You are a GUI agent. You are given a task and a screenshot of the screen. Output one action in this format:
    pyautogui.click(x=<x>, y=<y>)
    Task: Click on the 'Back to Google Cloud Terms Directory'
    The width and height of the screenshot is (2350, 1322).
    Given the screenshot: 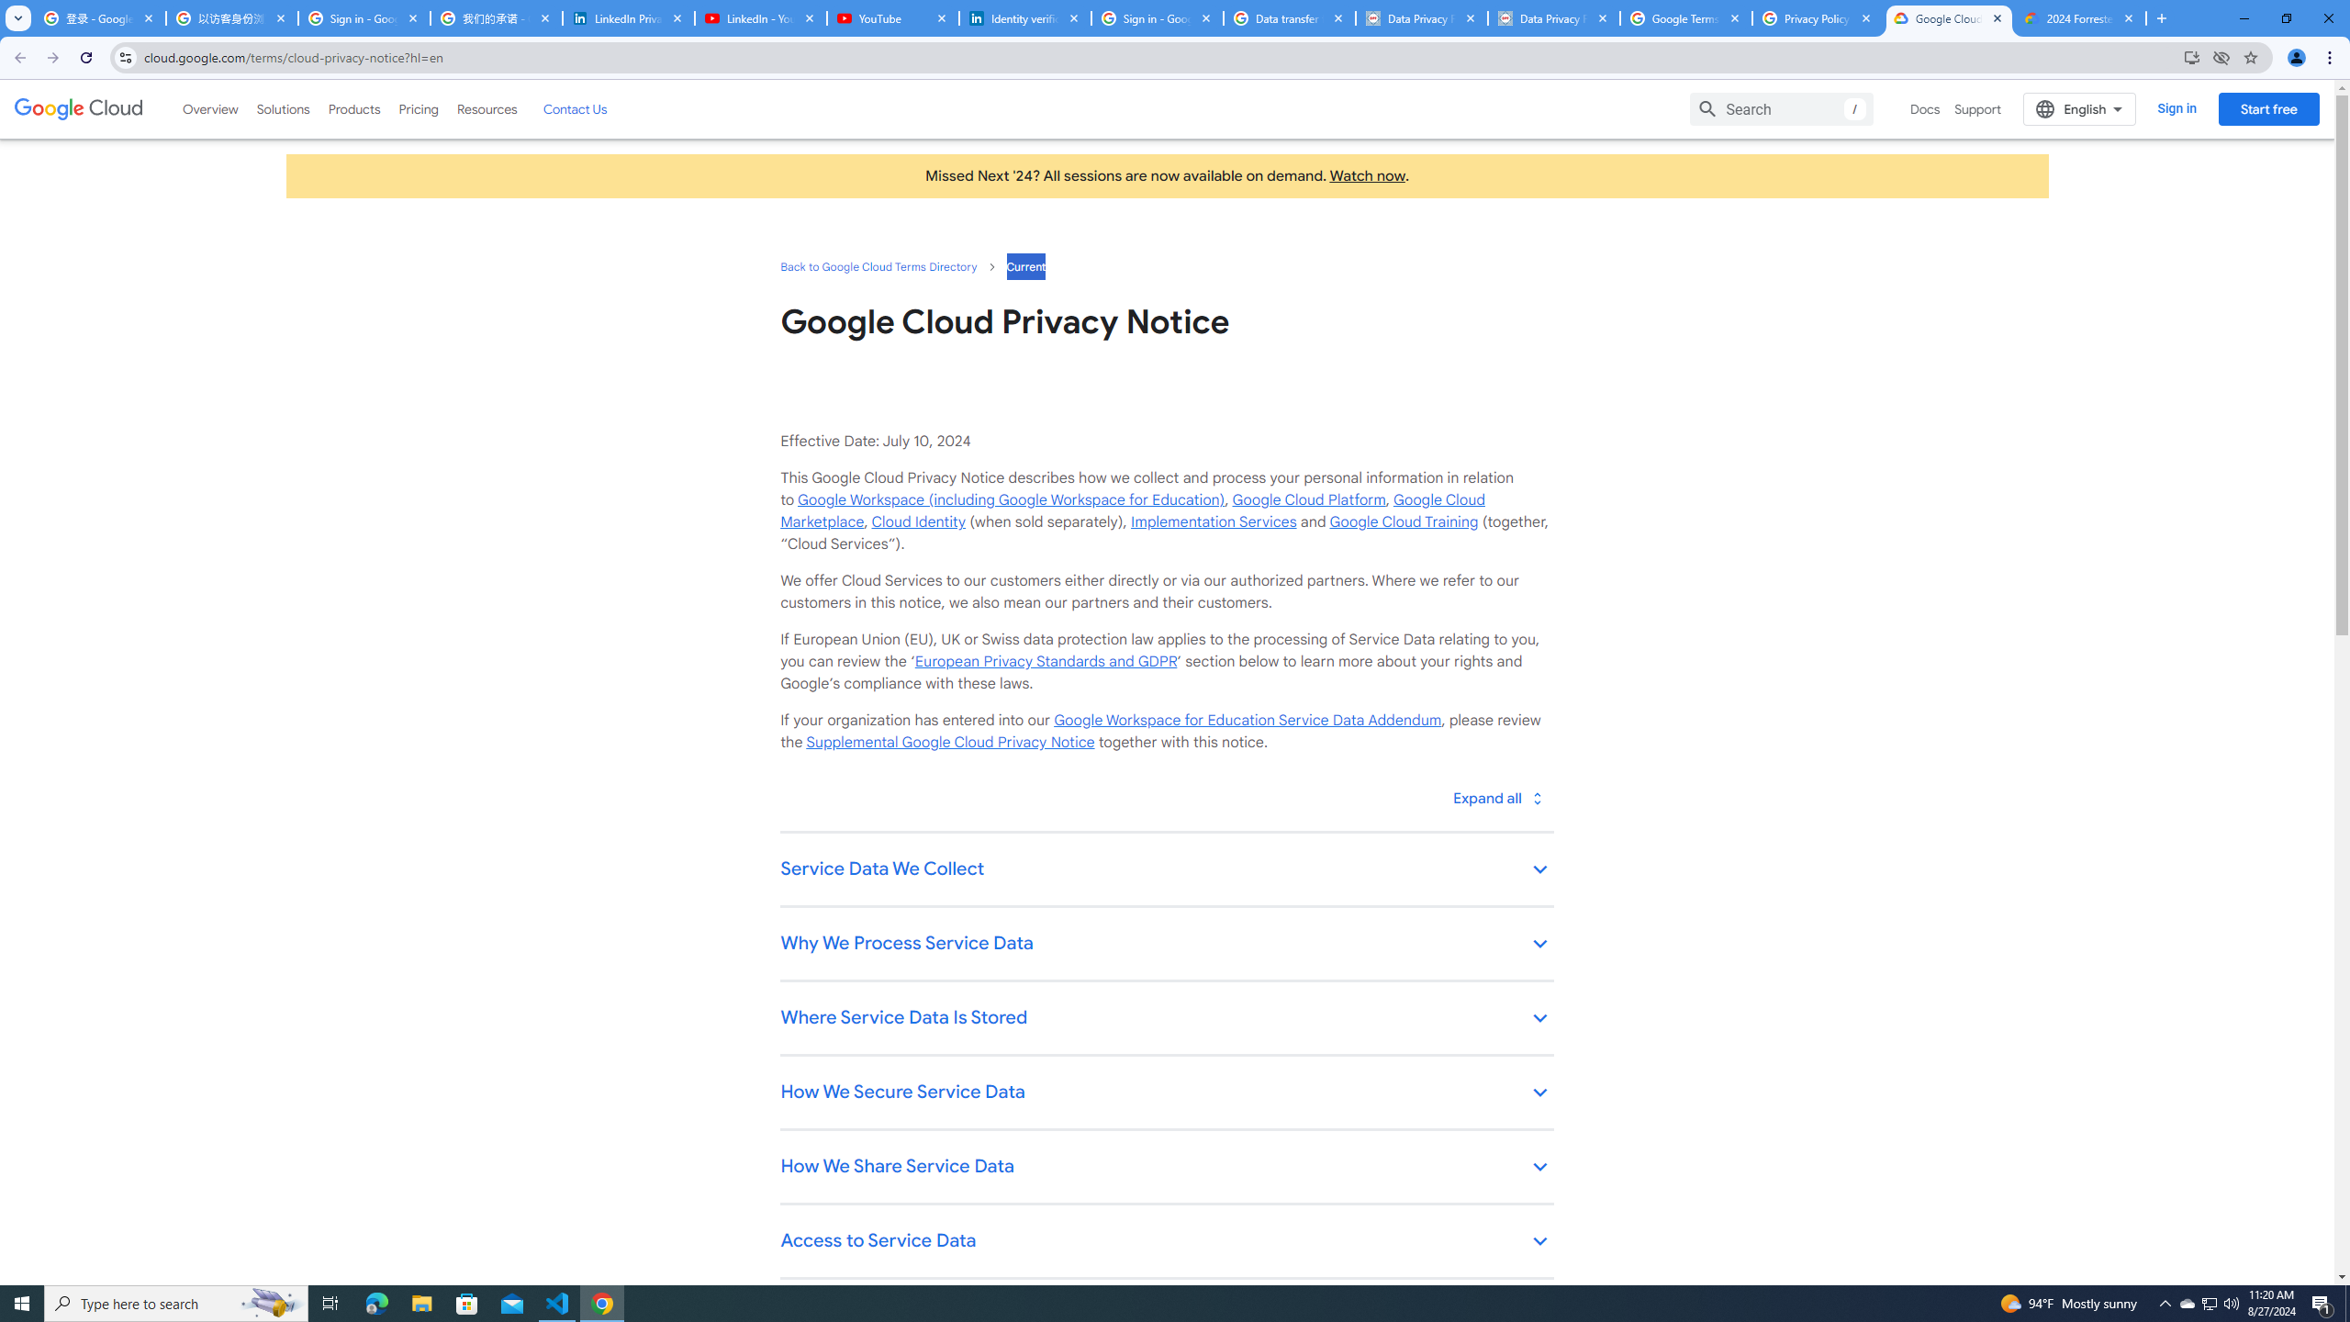 What is the action you would take?
    pyautogui.click(x=878, y=266)
    